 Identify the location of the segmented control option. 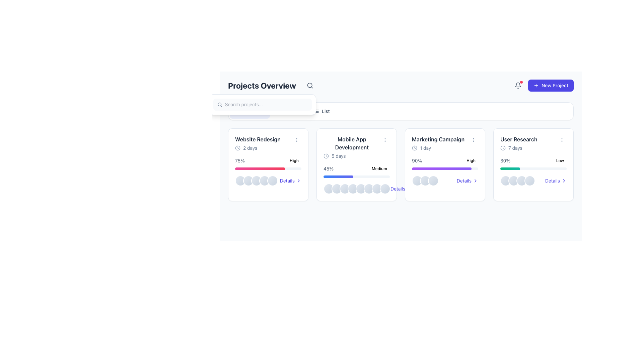
(401, 111).